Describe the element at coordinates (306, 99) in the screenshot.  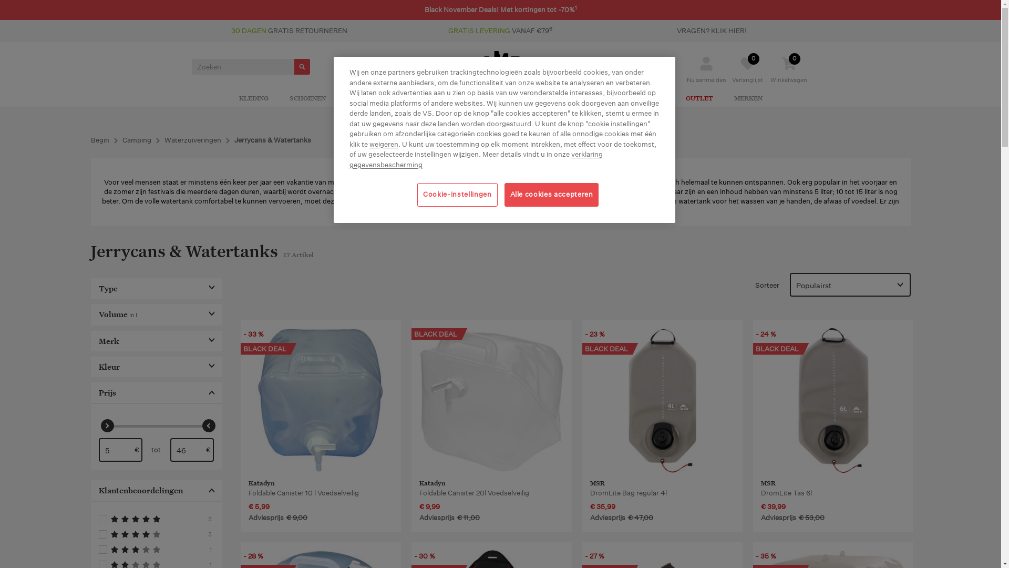
I see `'SCHOENEN'` at that location.